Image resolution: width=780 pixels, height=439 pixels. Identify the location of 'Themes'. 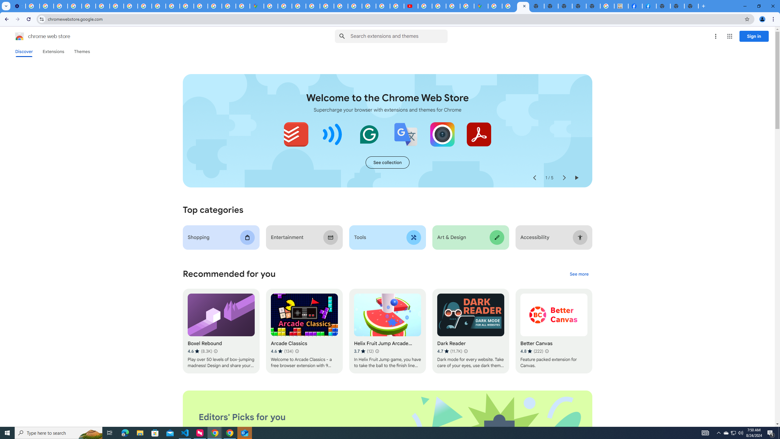
(82, 51).